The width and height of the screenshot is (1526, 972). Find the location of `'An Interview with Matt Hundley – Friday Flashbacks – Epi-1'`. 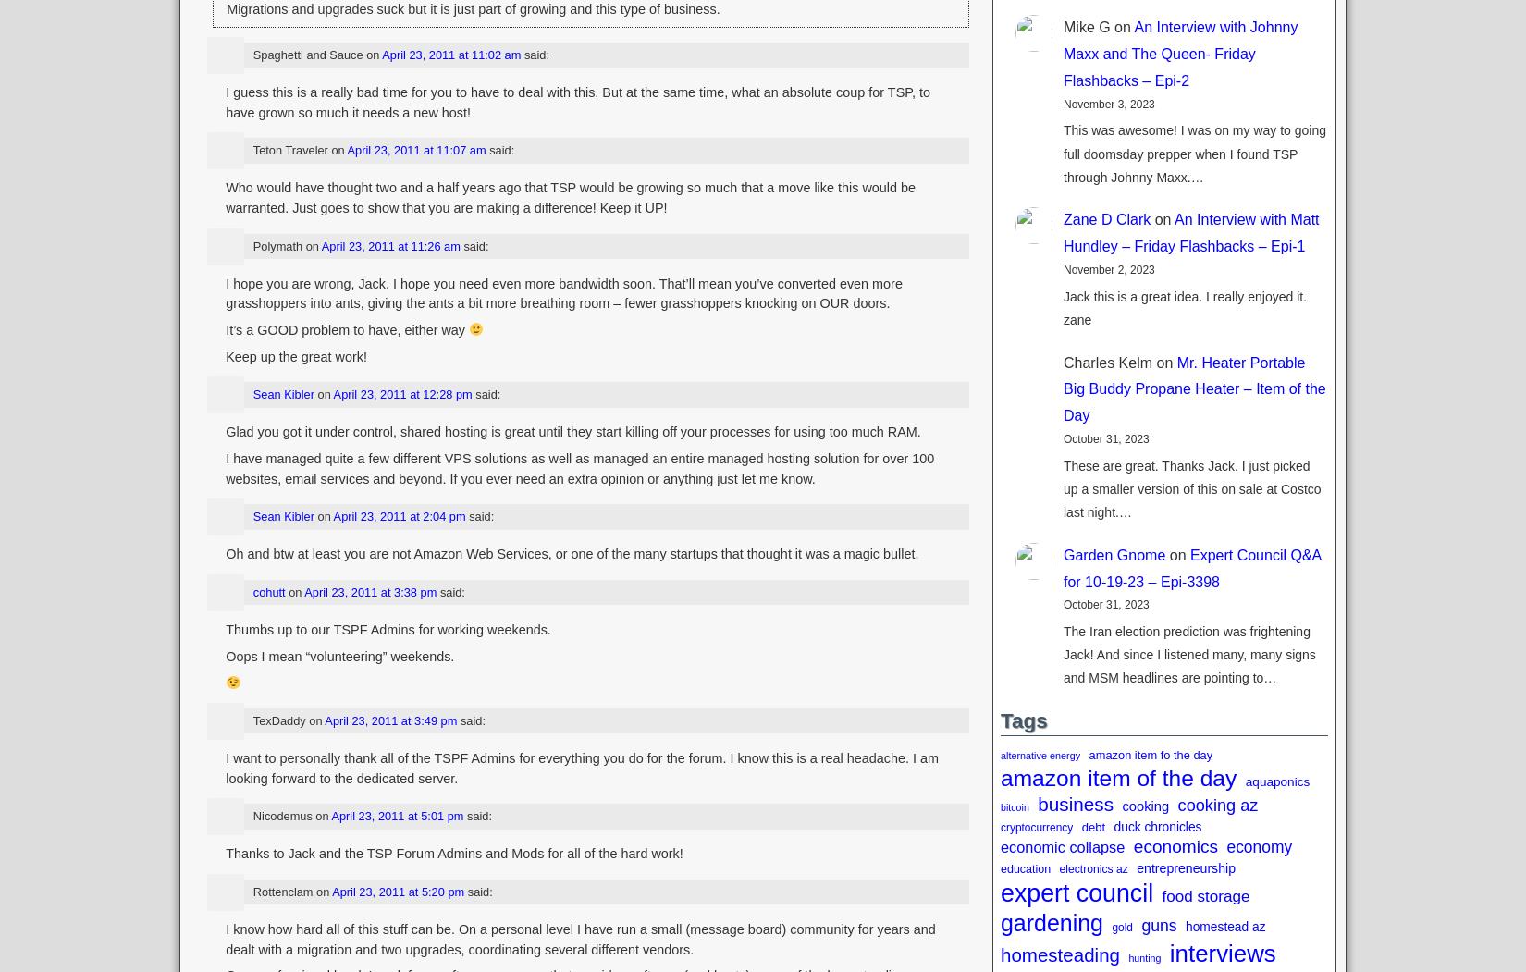

'An Interview with Matt Hundley – Friday Flashbacks – Epi-1' is located at coordinates (1189, 233).